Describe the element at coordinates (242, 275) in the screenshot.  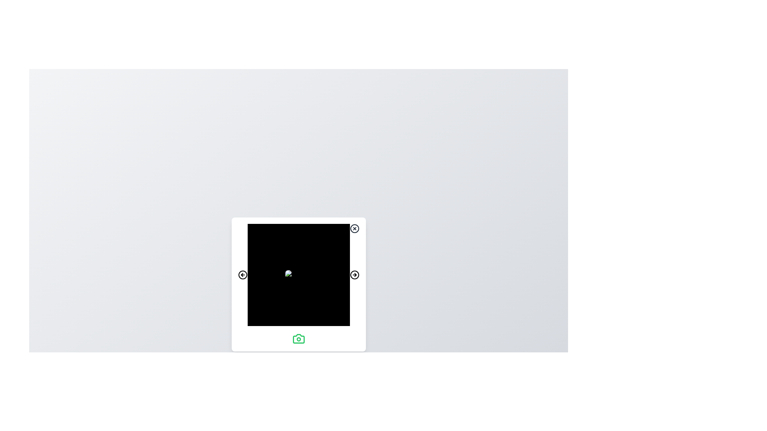
I see `the navigation button on the left side to move to the previous item in the gallery` at that location.